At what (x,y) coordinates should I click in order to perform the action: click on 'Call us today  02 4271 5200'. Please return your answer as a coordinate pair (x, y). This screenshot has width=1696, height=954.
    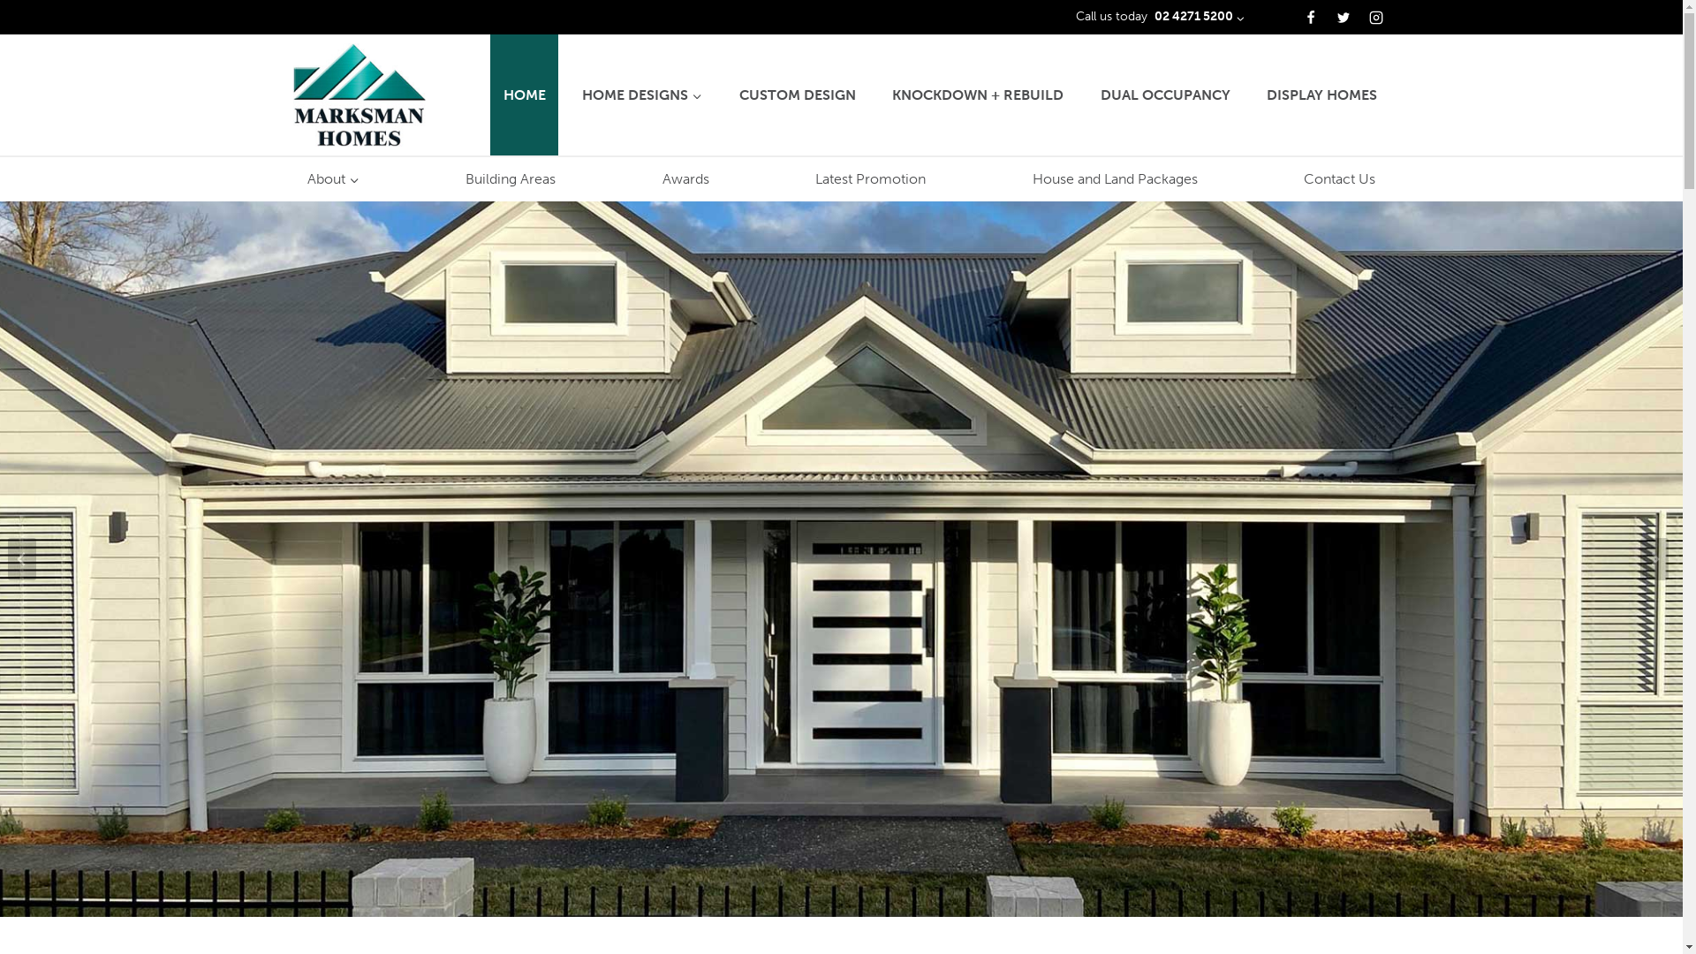
    Looking at the image, I should click on (1160, 17).